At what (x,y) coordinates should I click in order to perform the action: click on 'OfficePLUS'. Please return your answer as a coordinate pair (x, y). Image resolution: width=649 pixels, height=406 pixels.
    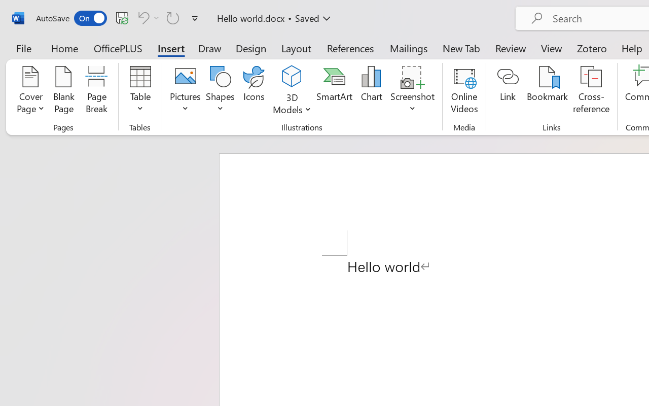
    Looking at the image, I should click on (118, 48).